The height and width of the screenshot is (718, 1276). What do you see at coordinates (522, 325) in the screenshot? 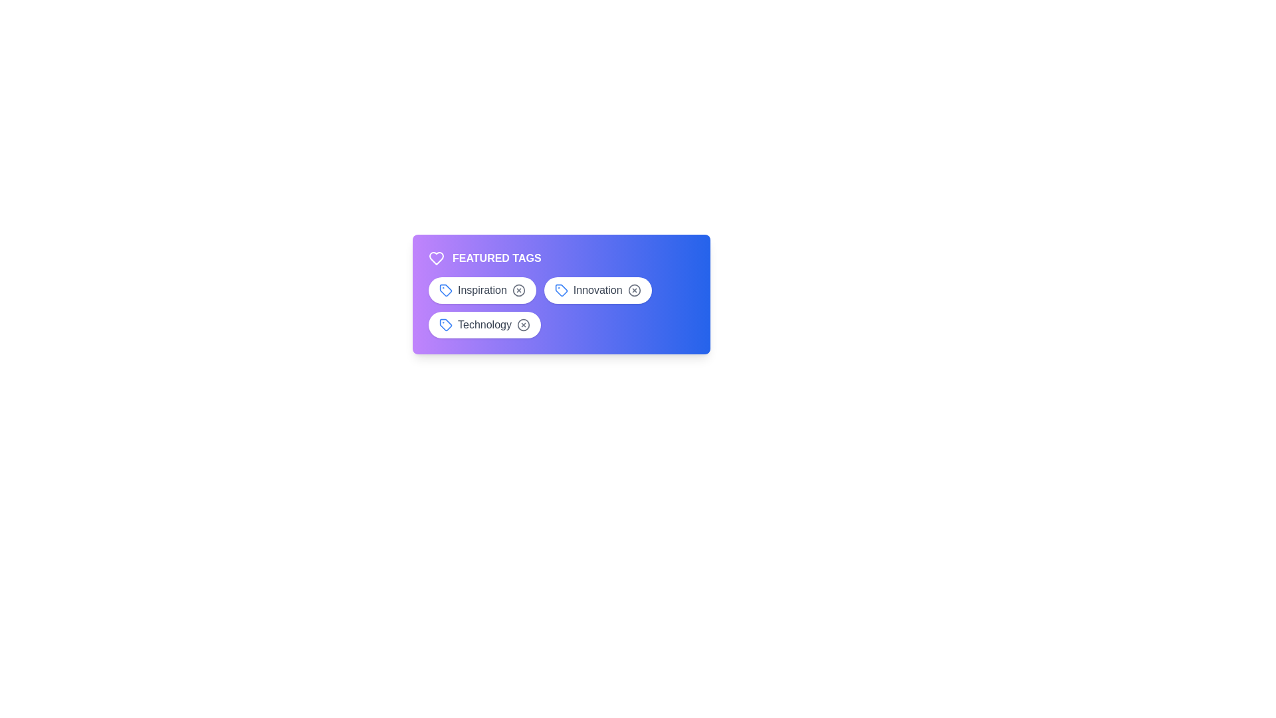
I see `the circular button with a transparent center and gray border located to the right of the 'Technology' text within the 'FEATURED TAGS' card` at bounding box center [522, 325].